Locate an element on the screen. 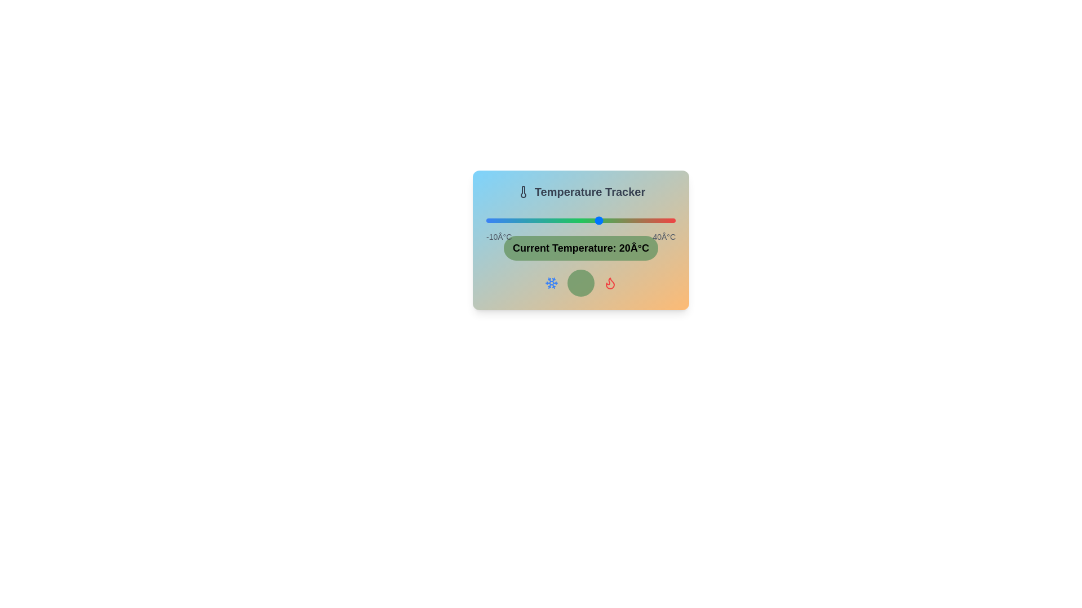 This screenshot has height=608, width=1082. the temperature slider to -2°C is located at coordinates (516, 221).